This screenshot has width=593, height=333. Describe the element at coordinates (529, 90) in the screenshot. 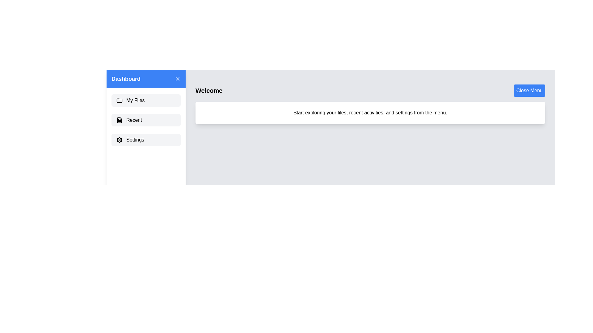

I see `'Close Menu' button in the main content header` at that location.